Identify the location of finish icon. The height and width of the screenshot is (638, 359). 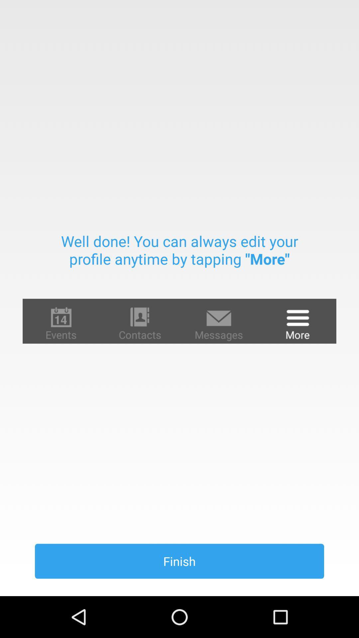
(179, 561).